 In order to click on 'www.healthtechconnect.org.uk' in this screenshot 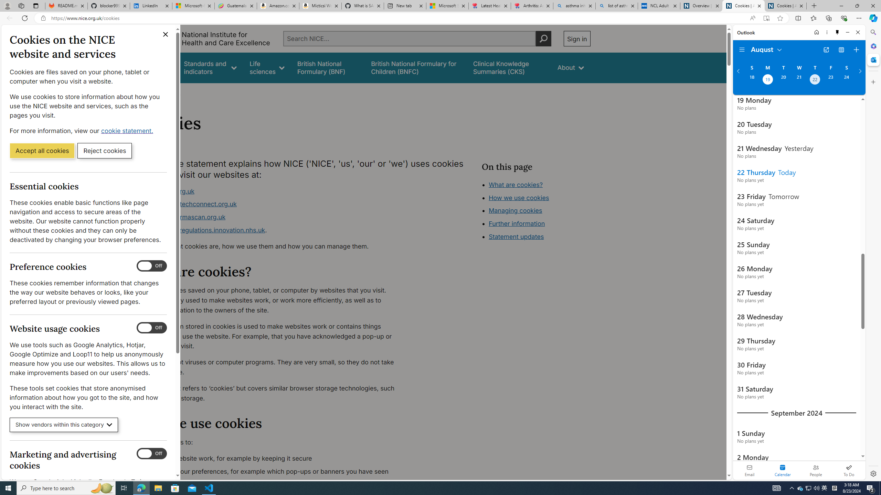, I will do `click(191, 204)`.